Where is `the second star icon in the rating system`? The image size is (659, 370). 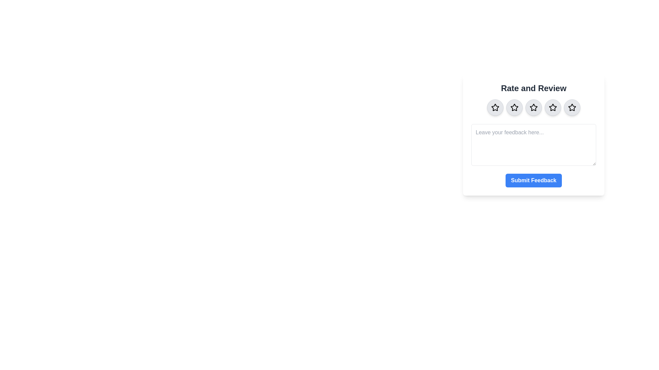 the second star icon in the rating system is located at coordinates (514, 107).